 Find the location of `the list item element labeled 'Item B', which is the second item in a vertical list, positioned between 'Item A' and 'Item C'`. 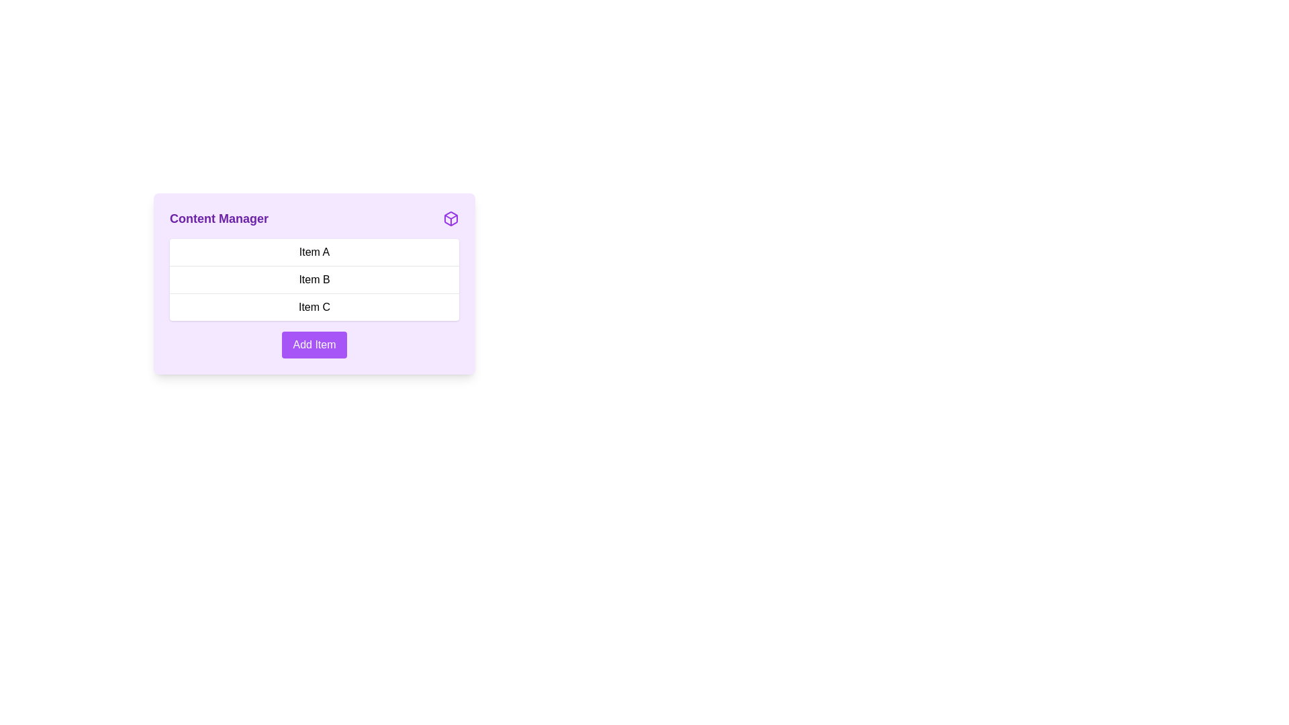

the list item element labeled 'Item B', which is the second item in a vertical list, positioned between 'Item A' and 'Item C' is located at coordinates (314, 279).